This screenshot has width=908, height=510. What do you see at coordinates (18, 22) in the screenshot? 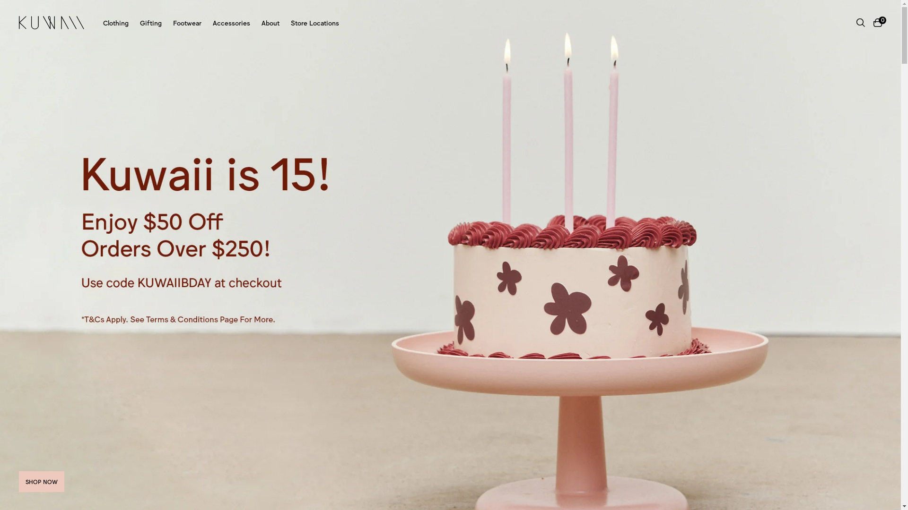
I see `'Kuwaii'` at bounding box center [18, 22].